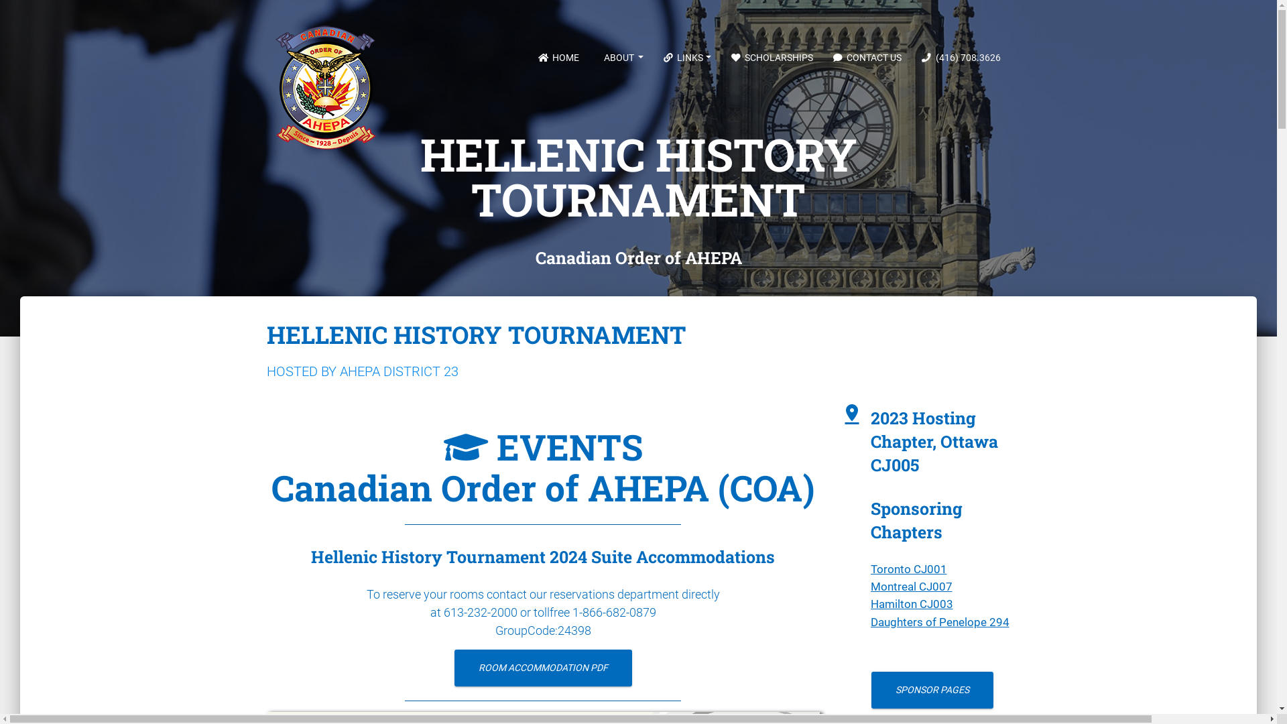 This screenshot has height=724, width=1287. What do you see at coordinates (822, 56) in the screenshot?
I see `'CONTACT US'` at bounding box center [822, 56].